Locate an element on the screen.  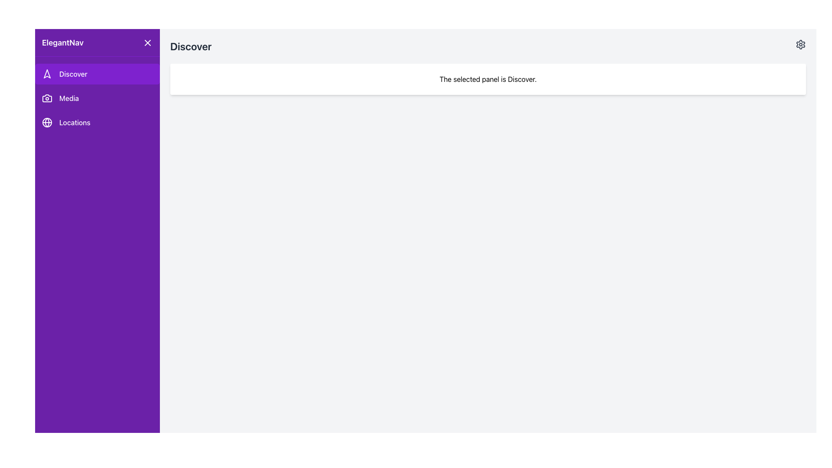
the 'Locations' menu item button in the navigation menu is located at coordinates (97, 122).